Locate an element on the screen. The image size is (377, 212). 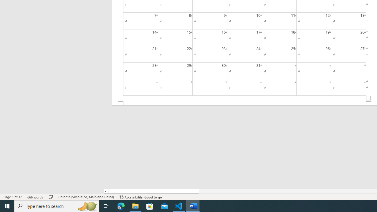
'Page Number Page 1 of 12' is located at coordinates (13, 197).